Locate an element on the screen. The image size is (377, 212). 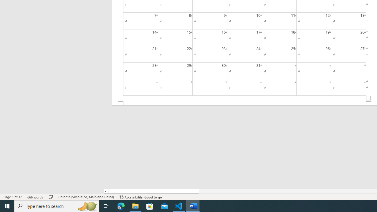
'Page Number Page 1 of 12' is located at coordinates (13, 197).